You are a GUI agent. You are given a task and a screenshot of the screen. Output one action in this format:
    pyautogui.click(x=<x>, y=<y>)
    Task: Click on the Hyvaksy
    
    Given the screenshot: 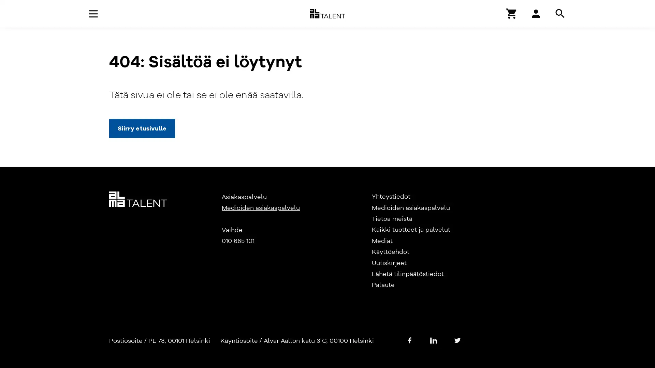 What is the action you would take?
    pyautogui.click(x=426, y=236)
    